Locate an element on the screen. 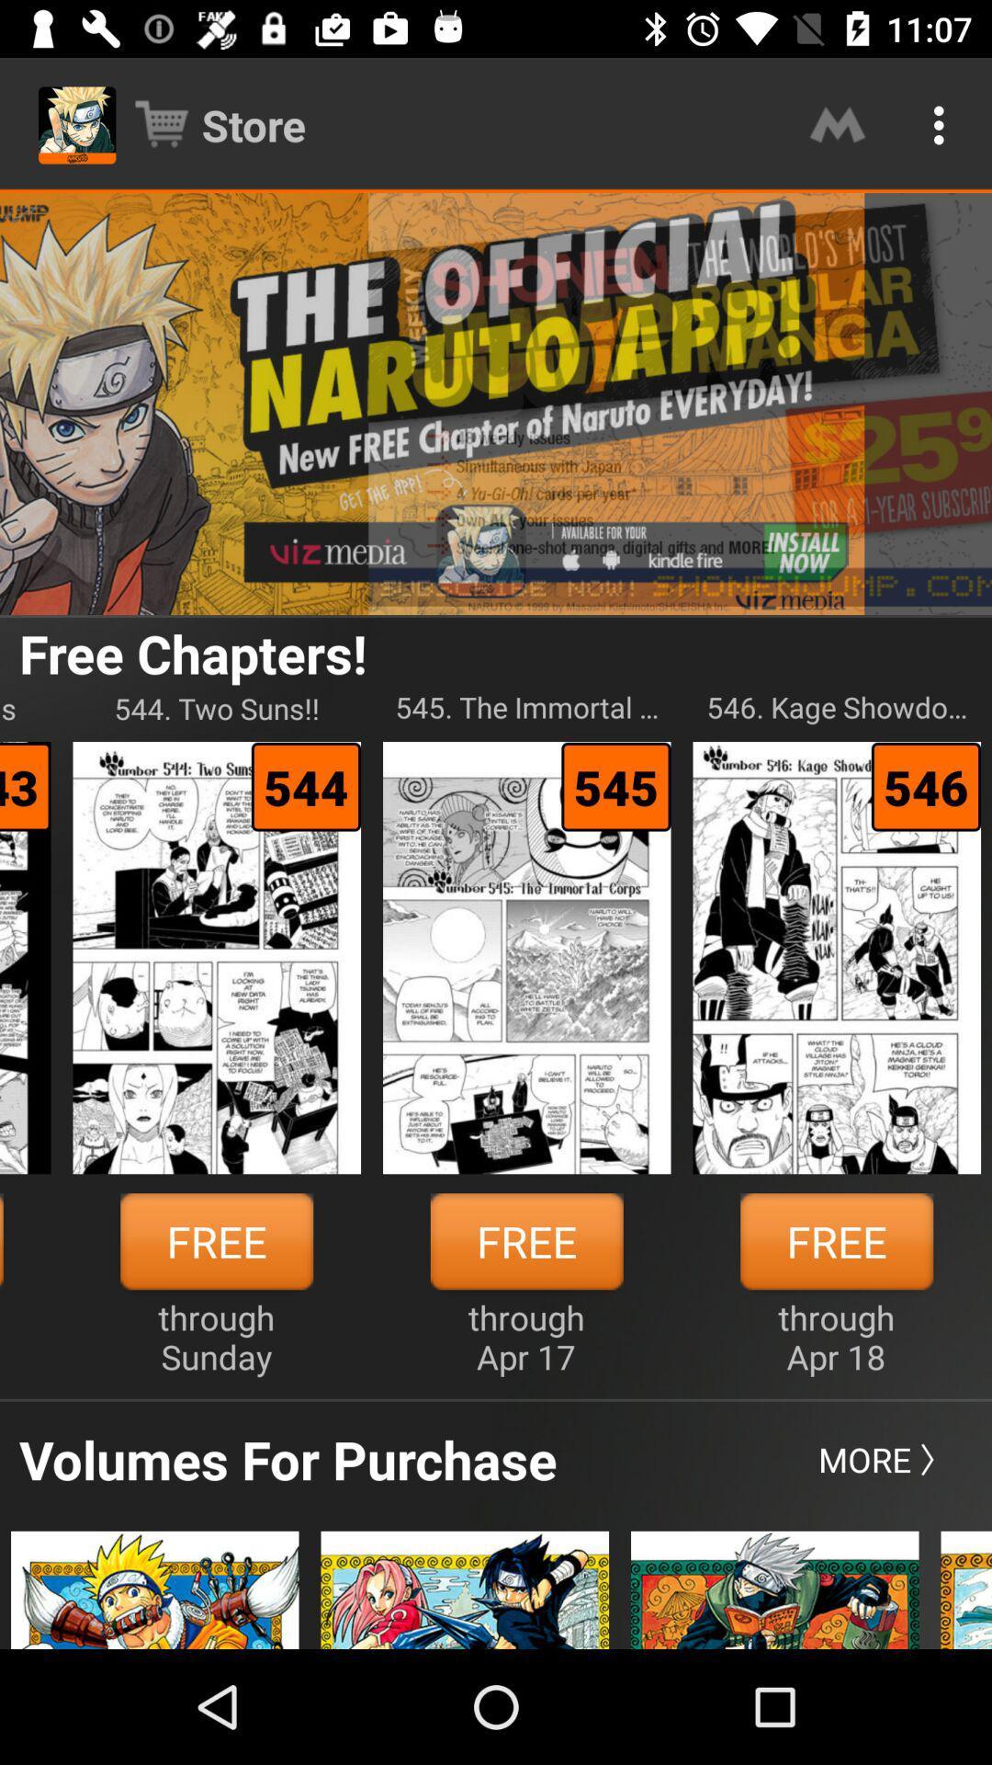 The height and width of the screenshot is (1765, 992). item above free chapters! item is located at coordinates (496, 403).